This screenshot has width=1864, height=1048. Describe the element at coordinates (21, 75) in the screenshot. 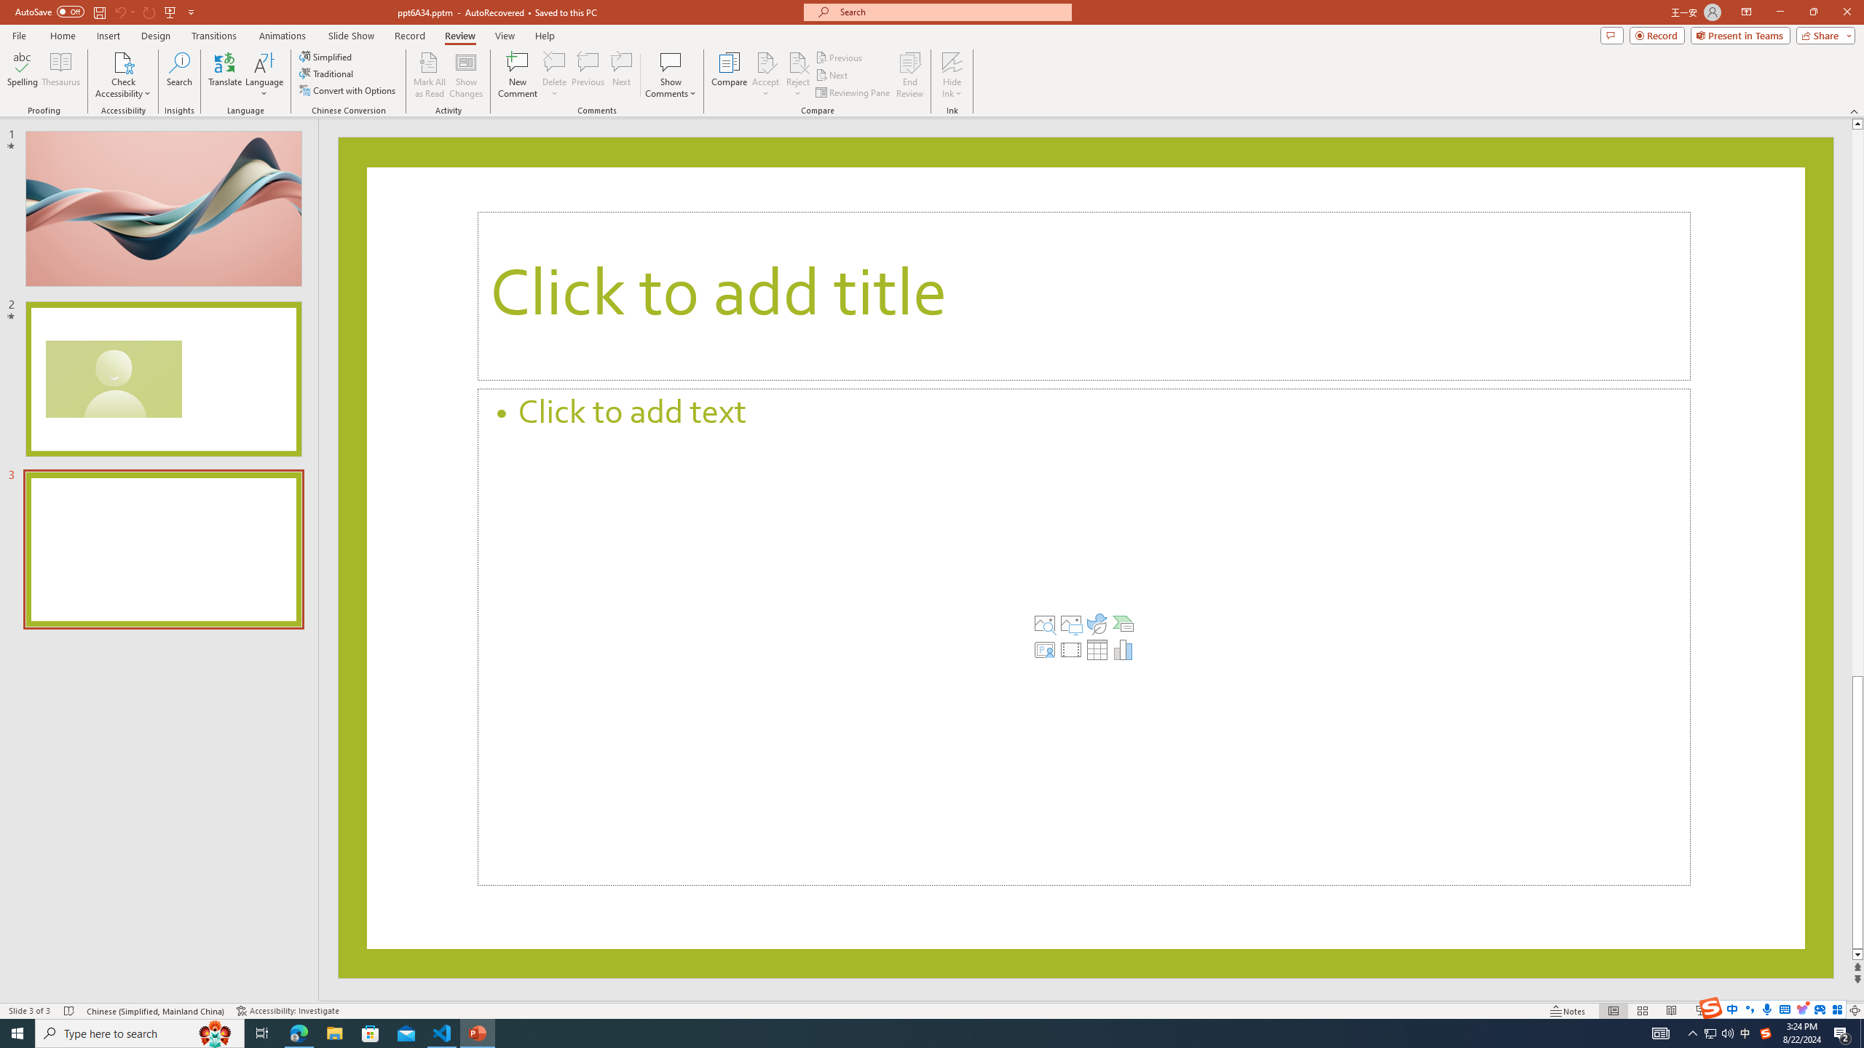

I see `'Spelling...'` at that location.